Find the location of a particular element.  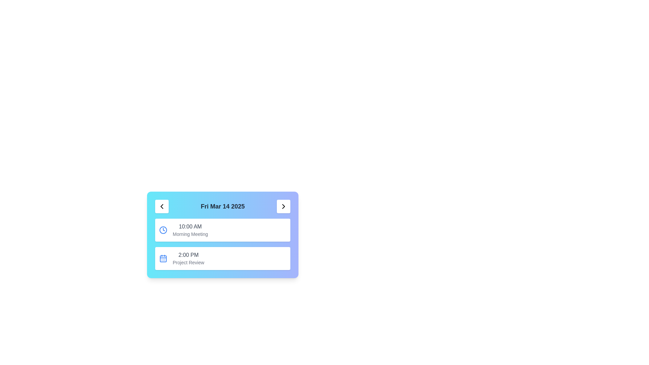

the blue calendar icon with a white background located in the second event row labeled '2:00 PM Project Review' is located at coordinates (163, 258).